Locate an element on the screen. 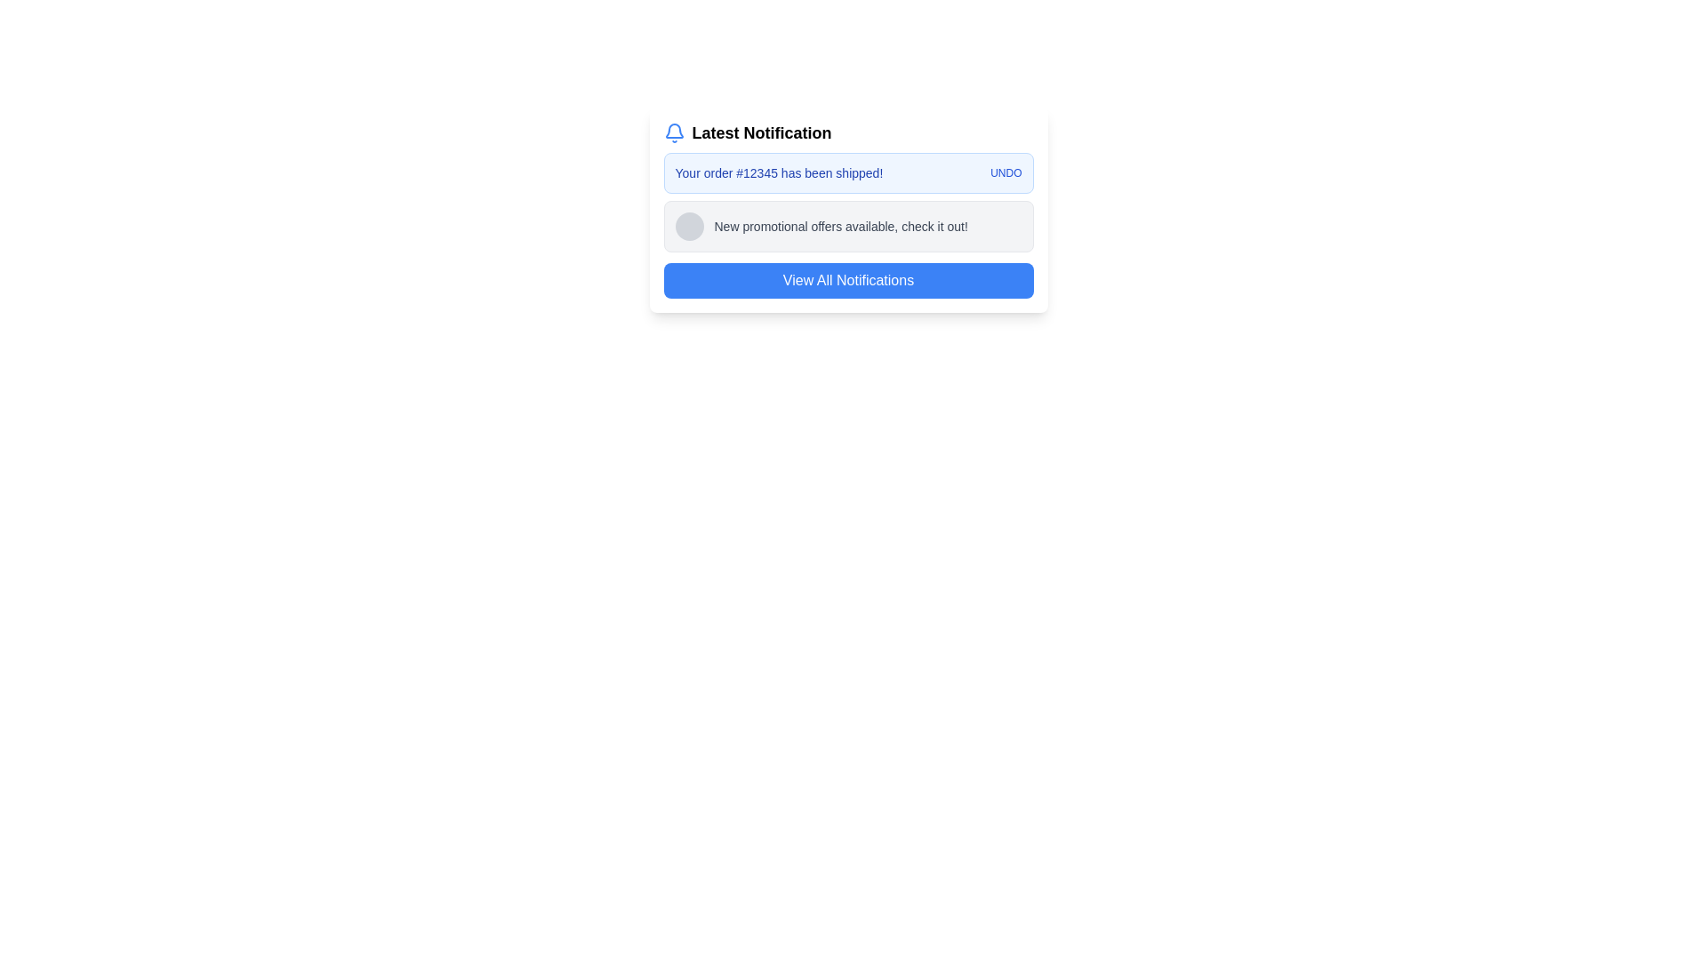 Image resolution: width=1707 pixels, height=960 pixels. notification message that states 'Your order #12345 has been shipped!' which is located within the light blue rectangular section of the 'Latest Notification' panel is located at coordinates (847, 173).